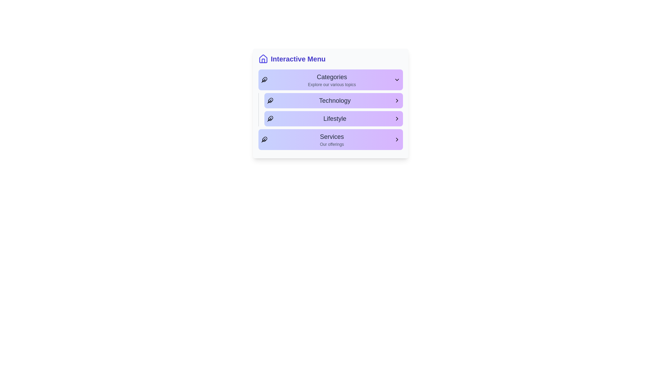 This screenshot has height=375, width=667. Describe the element at coordinates (331, 139) in the screenshot. I see `the 'Services' text label, which is part of the fourth interactive option in the 'Interactive Menu', located below the 'Lifestyle' section` at that location.